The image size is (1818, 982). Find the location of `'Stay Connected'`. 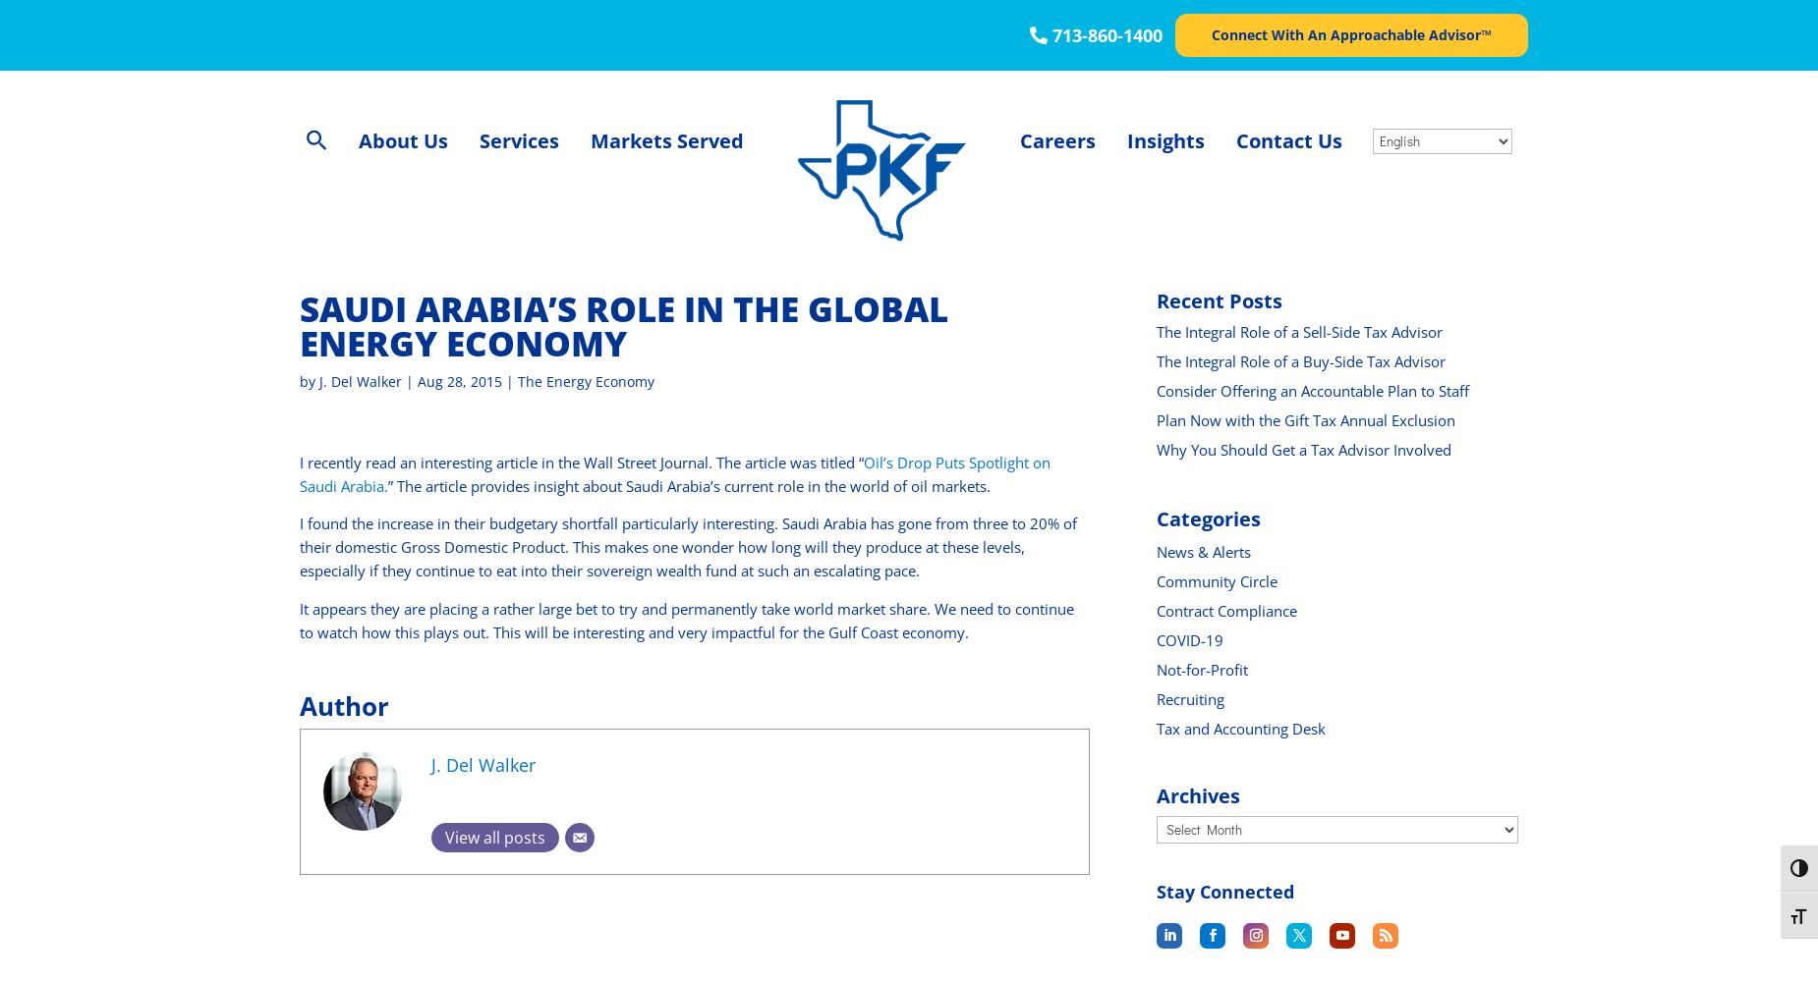

'Stay Connected' is located at coordinates (1224, 891).